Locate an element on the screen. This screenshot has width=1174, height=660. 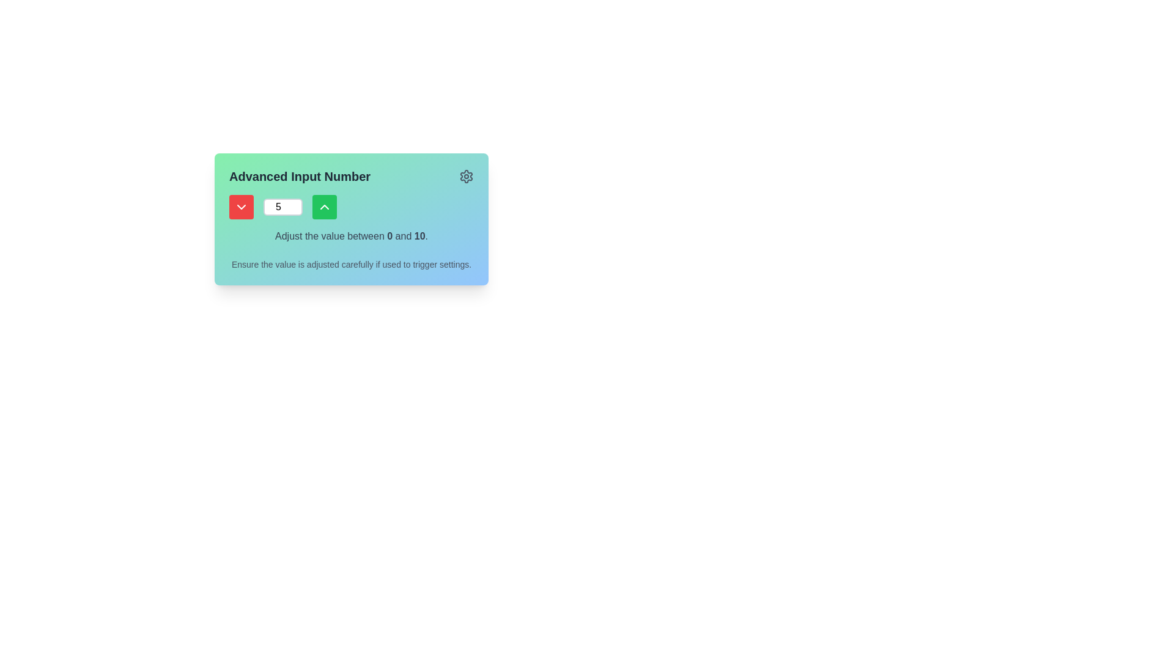
the bold-styled numeral '0' in the sentence 'Adjust the value between 0 and 10.' is located at coordinates (389, 236).